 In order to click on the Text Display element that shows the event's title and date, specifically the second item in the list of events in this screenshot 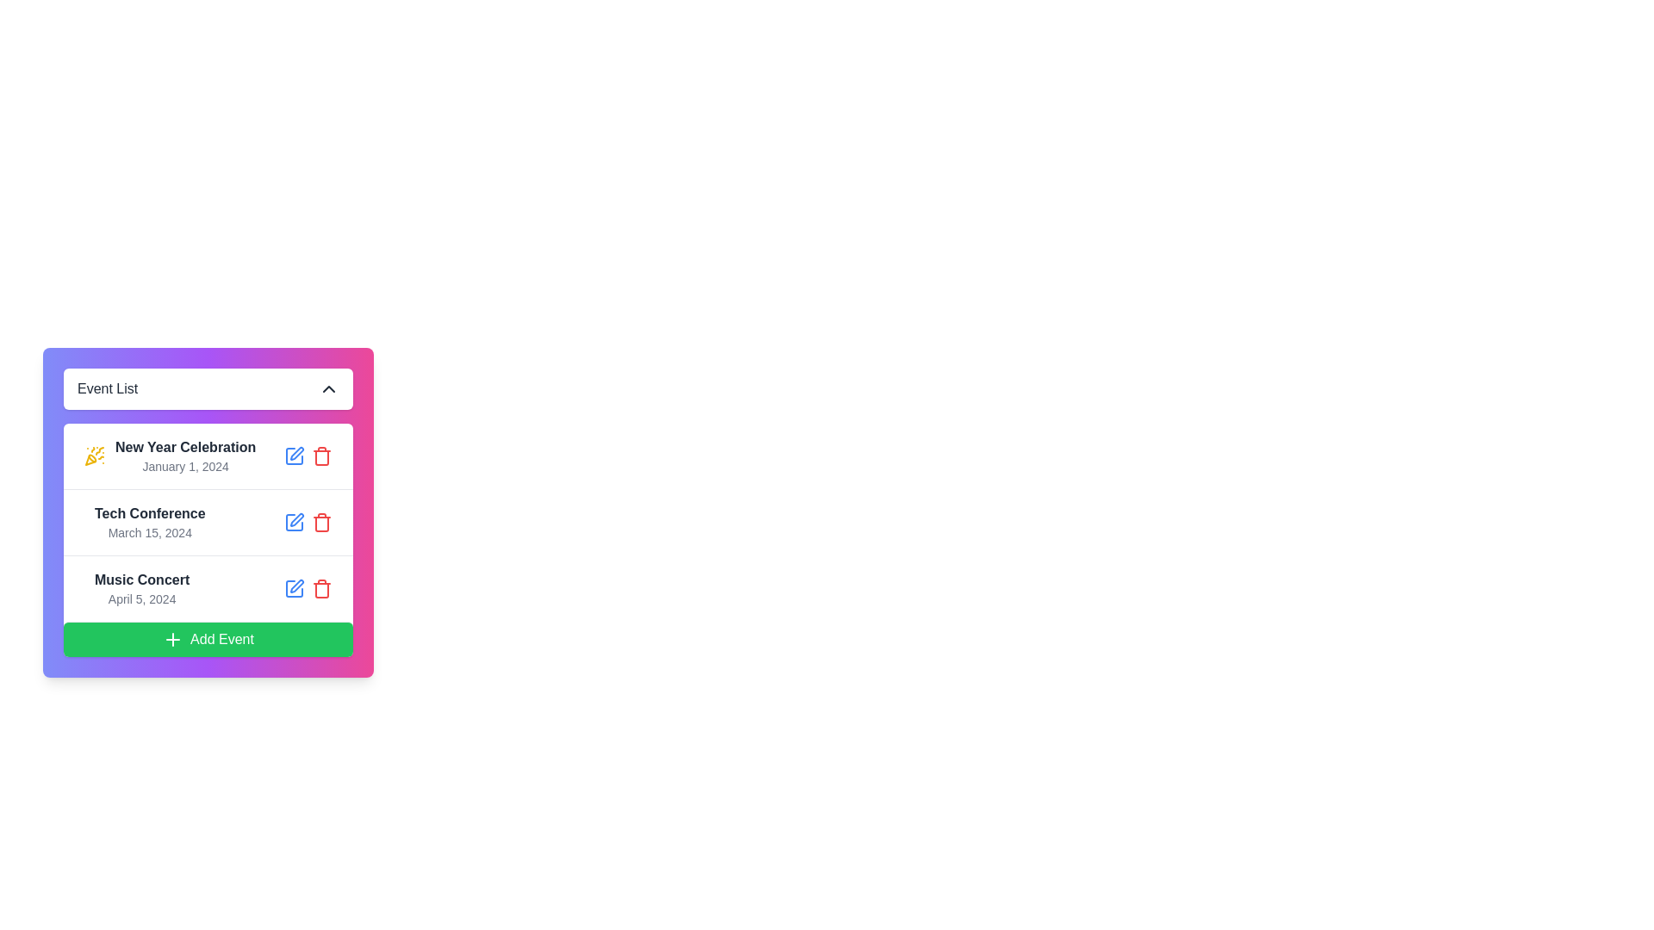, I will do `click(145, 521)`.